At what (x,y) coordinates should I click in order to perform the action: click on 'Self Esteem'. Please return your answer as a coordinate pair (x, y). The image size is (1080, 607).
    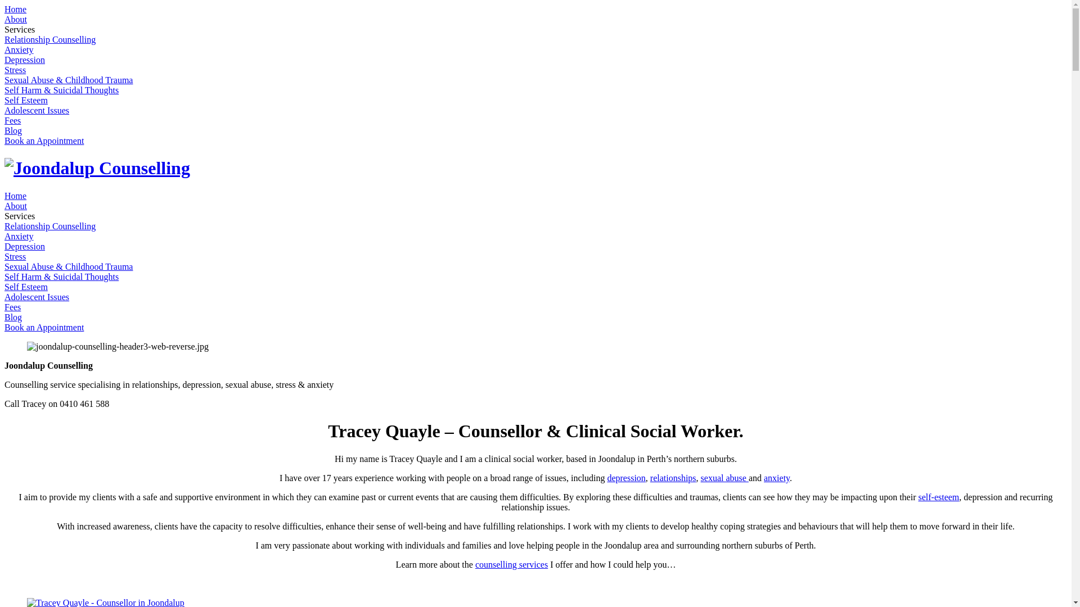
    Looking at the image, I should click on (26, 99).